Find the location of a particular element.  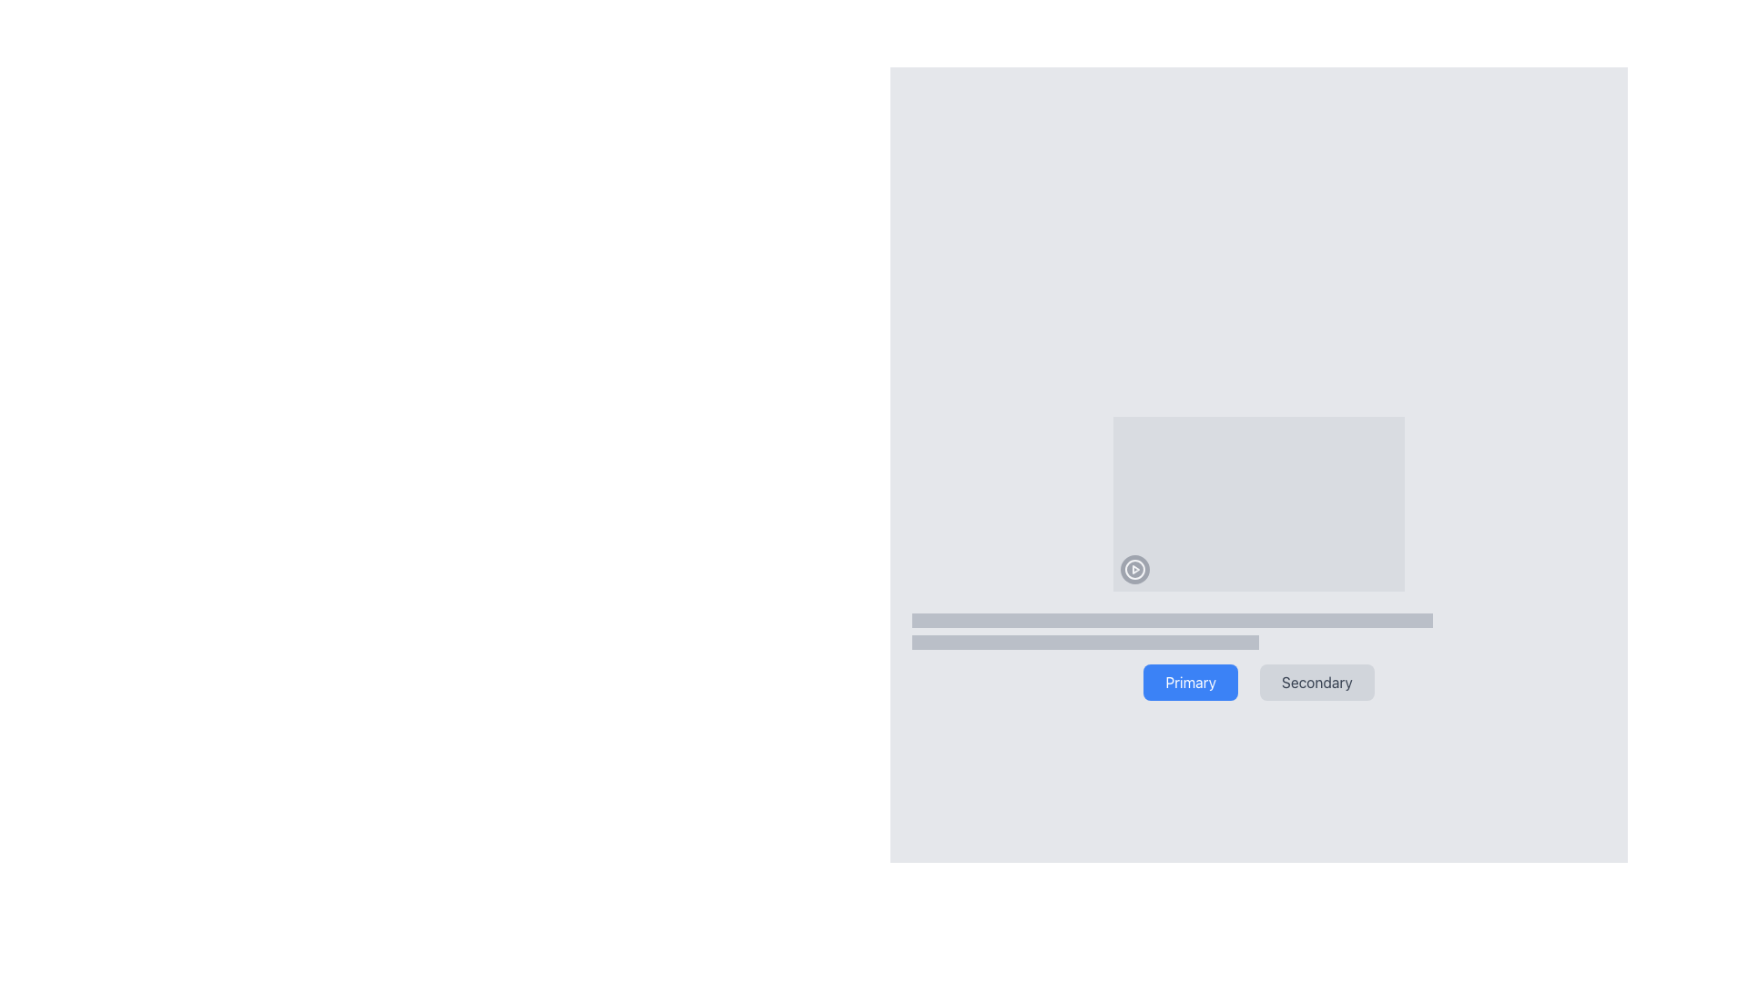

the 'Primary' button, which is a vibrant blue button with white text, located in the bottom portion of the interface, slightly left of center is located at coordinates (1191, 682).